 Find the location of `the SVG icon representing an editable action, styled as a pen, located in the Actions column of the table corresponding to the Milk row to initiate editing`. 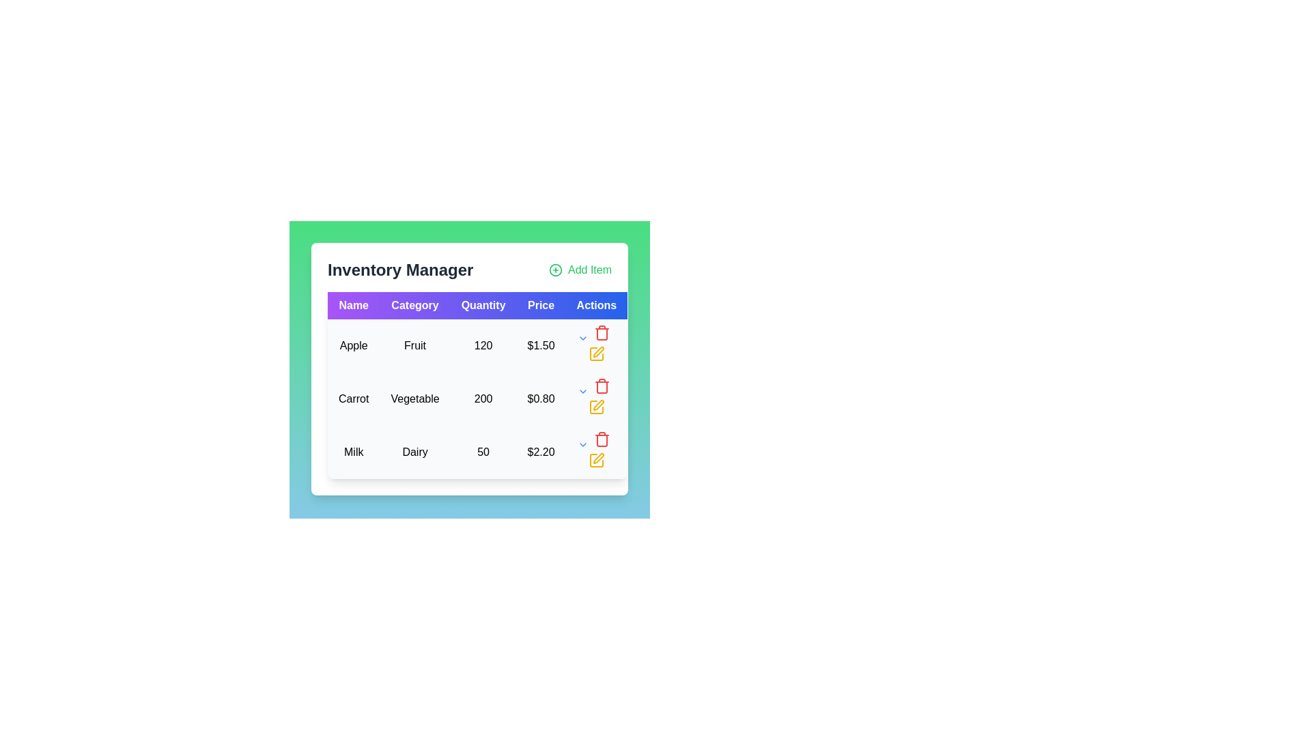

the SVG icon representing an editable action, styled as a pen, located in the Actions column of the table corresponding to the Milk row to initiate editing is located at coordinates (598, 351).